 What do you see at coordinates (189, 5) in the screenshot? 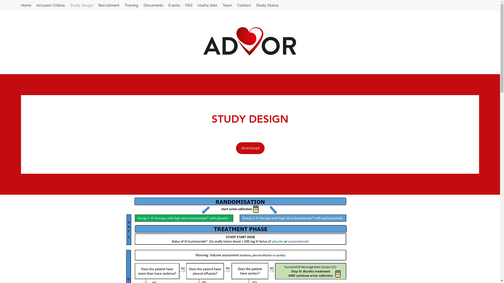
I see `'FAQ'` at bounding box center [189, 5].